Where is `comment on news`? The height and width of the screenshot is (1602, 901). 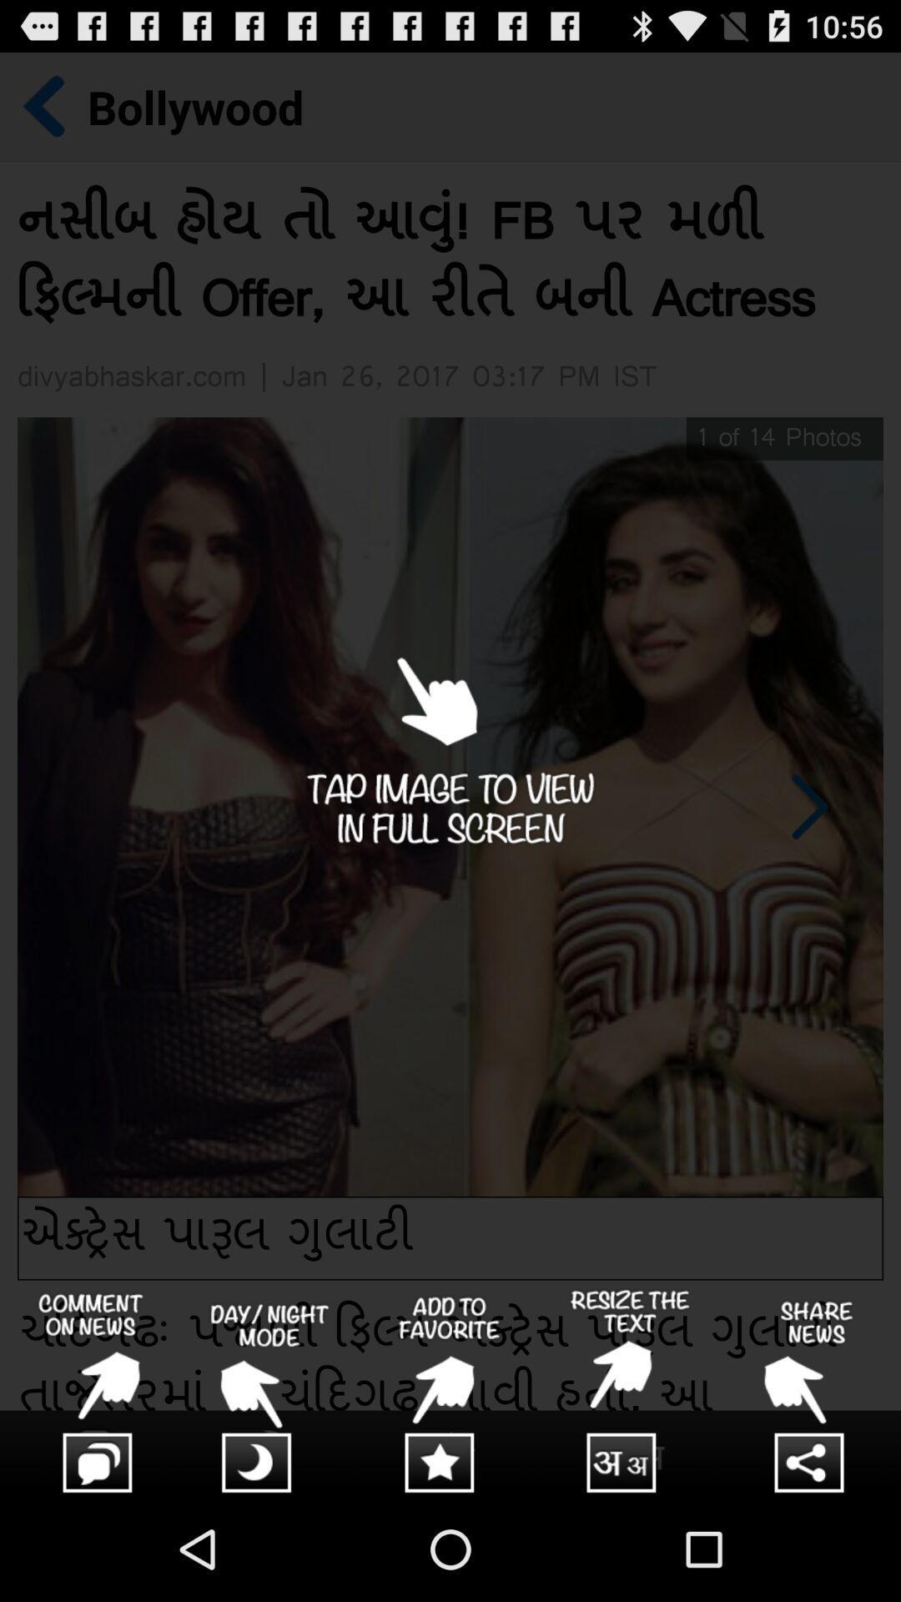 comment on news is located at coordinates (90, 1393).